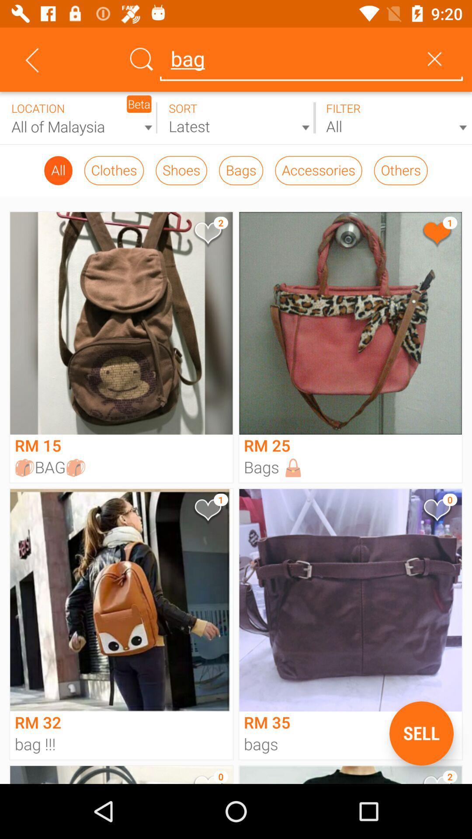  What do you see at coordinates (207, 512) in the screenshot?
I see `mark as favorite` at bounding box center [207, 512].